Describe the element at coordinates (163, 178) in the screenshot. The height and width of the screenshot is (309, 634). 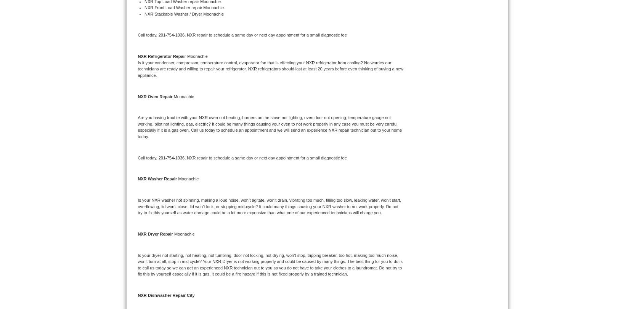
I see `'Washer Repair'` at that location.